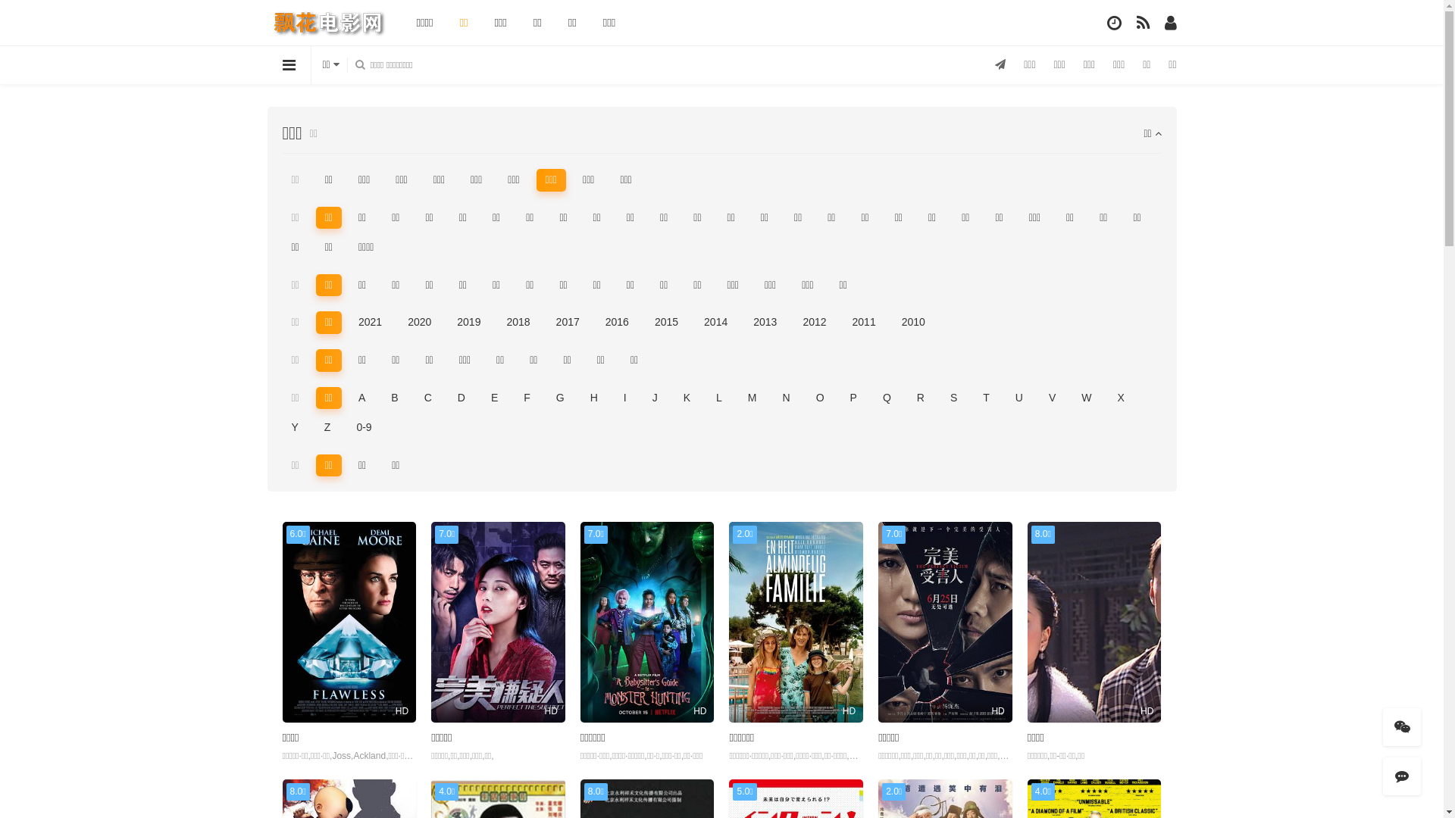  What do you see at coordinates (786, 397) in the screenshot?
I see `'N'` at bounding box center [786, 397].